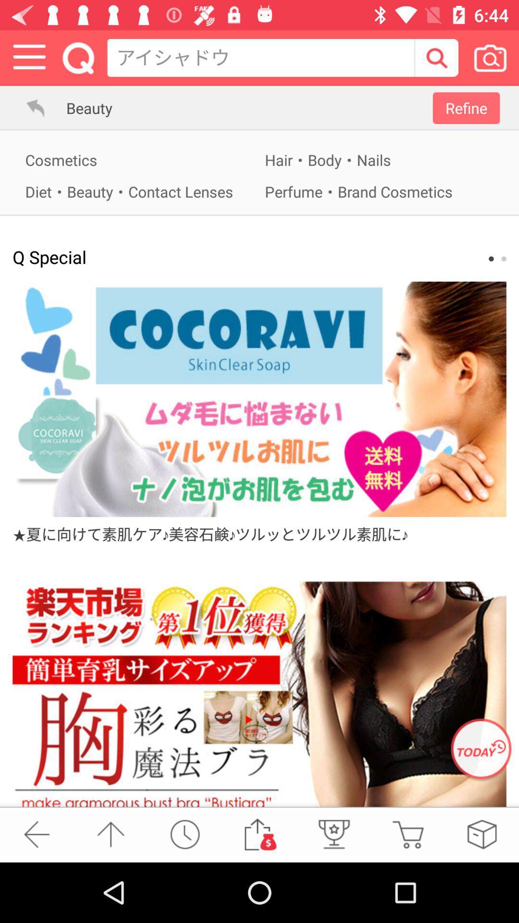 This screenshot has width=519, height=923. I want to click on the menu bar, so click(29, 57).